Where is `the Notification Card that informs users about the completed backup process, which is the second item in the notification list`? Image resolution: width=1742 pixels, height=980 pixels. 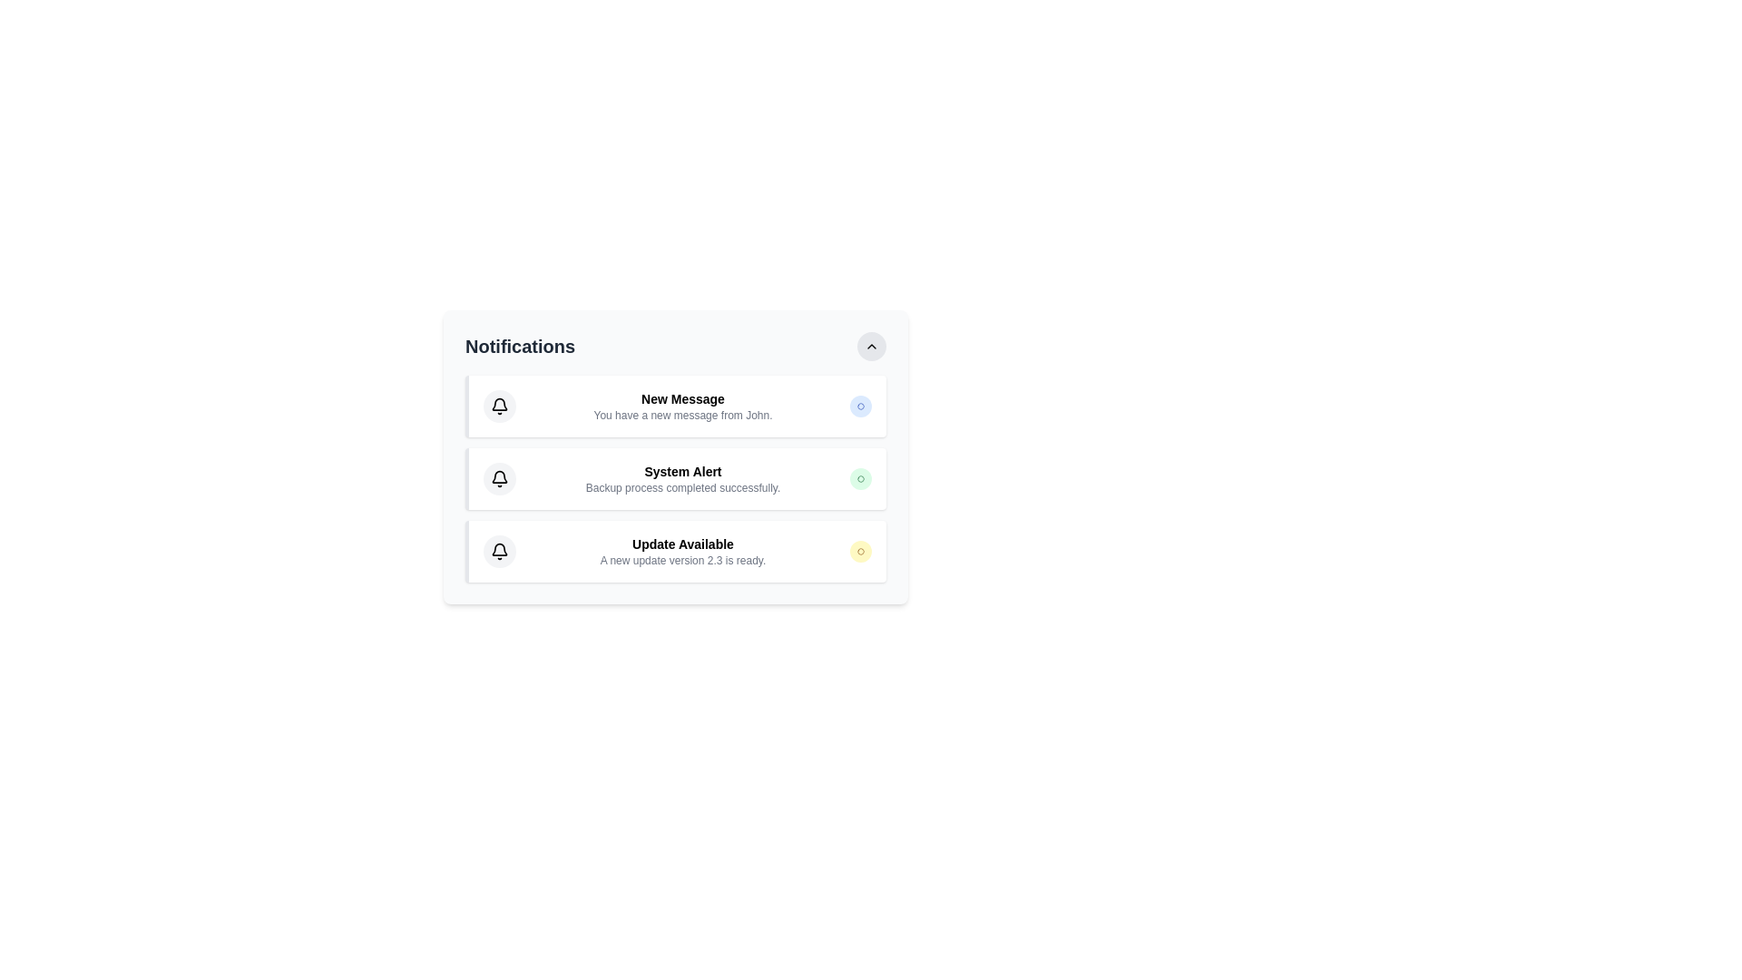 the Notification Card that informs users about the completed backup process, which is the second item in the notification list is located at coordinates (674, 478).